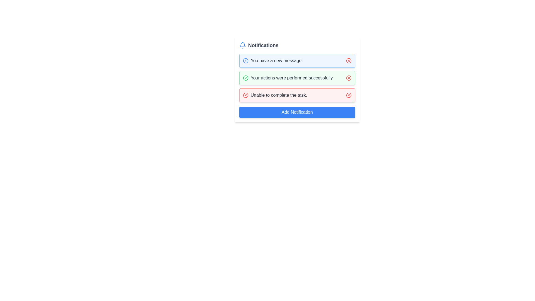 This screenshot has width=535, height=301. What do you see at coordinates (297, 45) in the screenshot?
I see `the bell icon located in the header of the notification panel, which serves as a title and context for the notifications below` at bounding box center [297, 45].